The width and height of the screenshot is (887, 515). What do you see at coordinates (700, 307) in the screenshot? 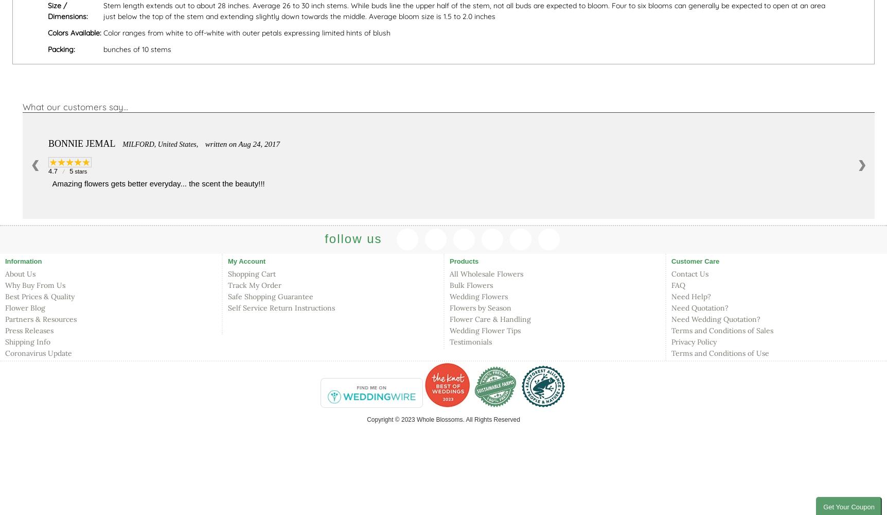
I see `'Need Quotation?'` at bounding box center [700, 307].